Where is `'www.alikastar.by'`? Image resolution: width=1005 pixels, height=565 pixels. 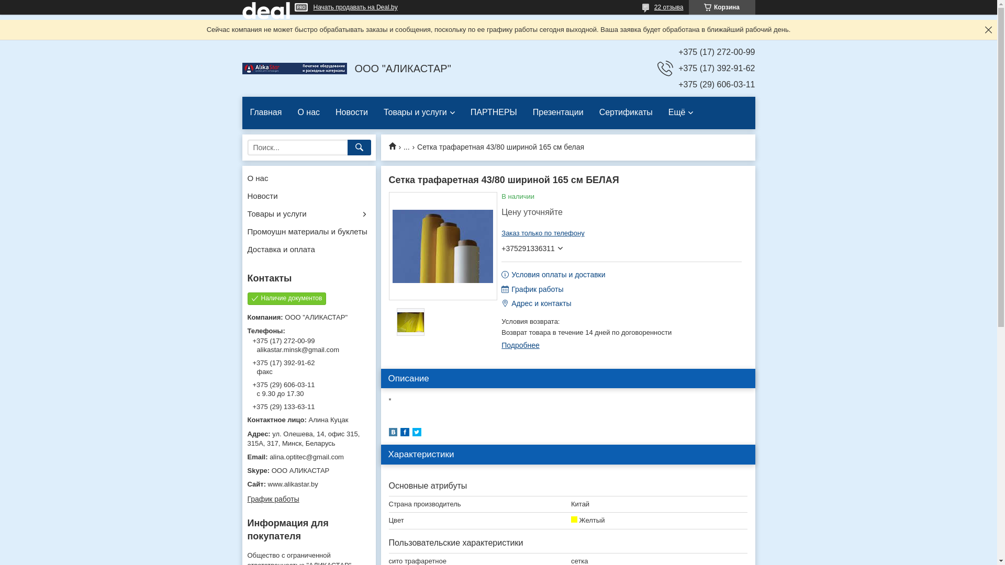
'www.alikastar.by' is located at coordinates (246, 484).